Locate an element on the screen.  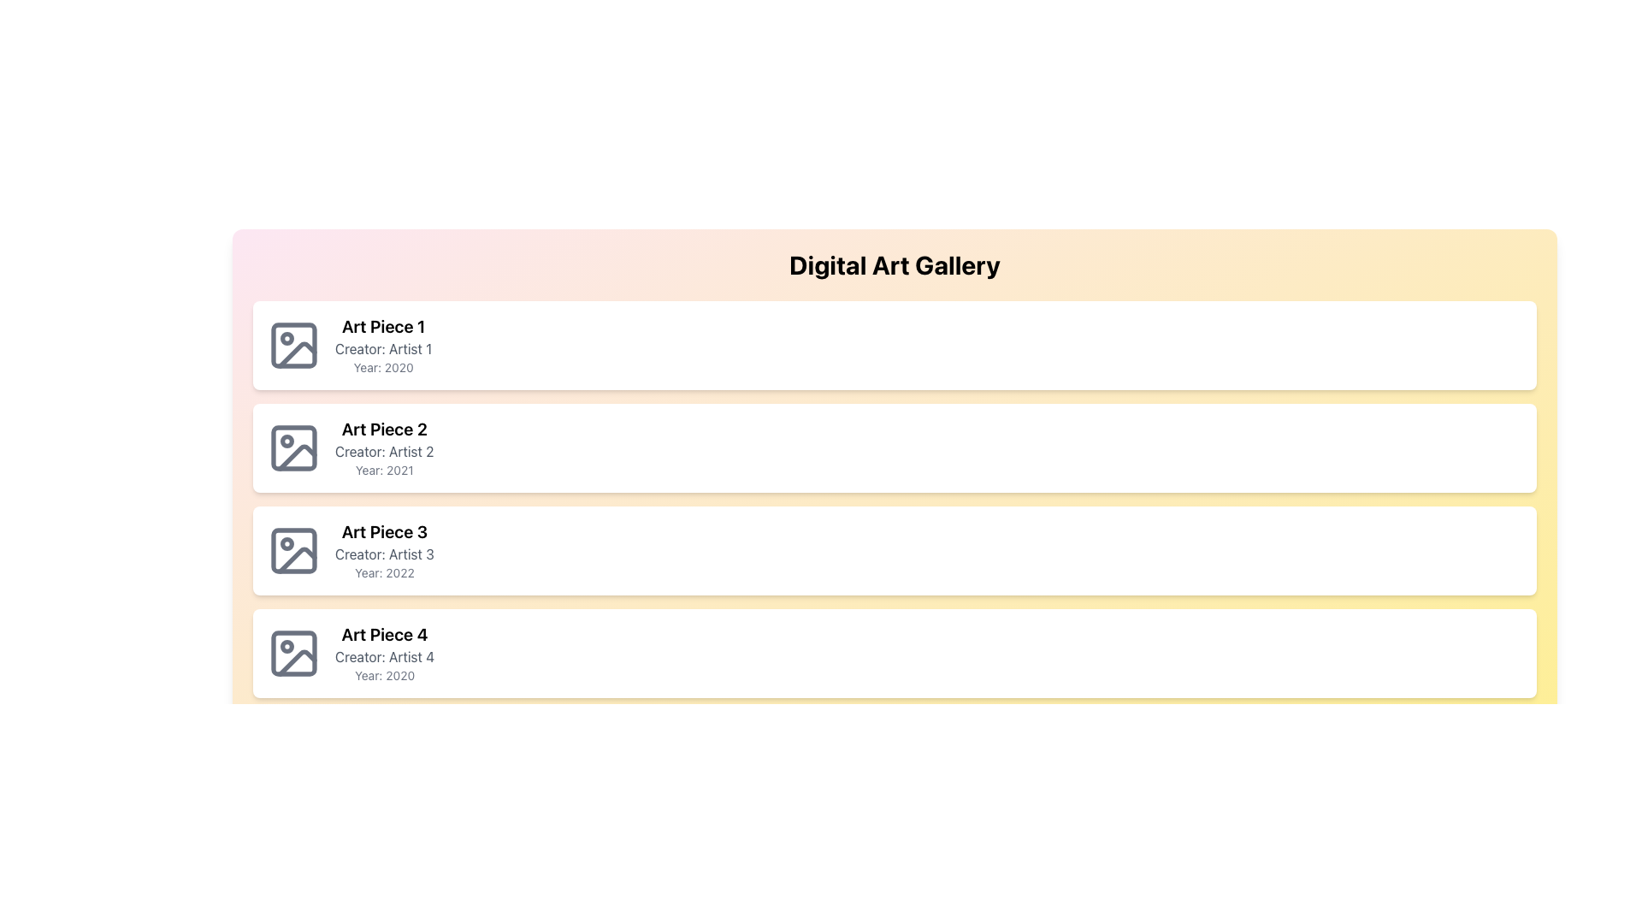
the visual icon representing 'Art Piece 4' in the 'Digital Art Gallery' interface is located at coordinates (294, 653).